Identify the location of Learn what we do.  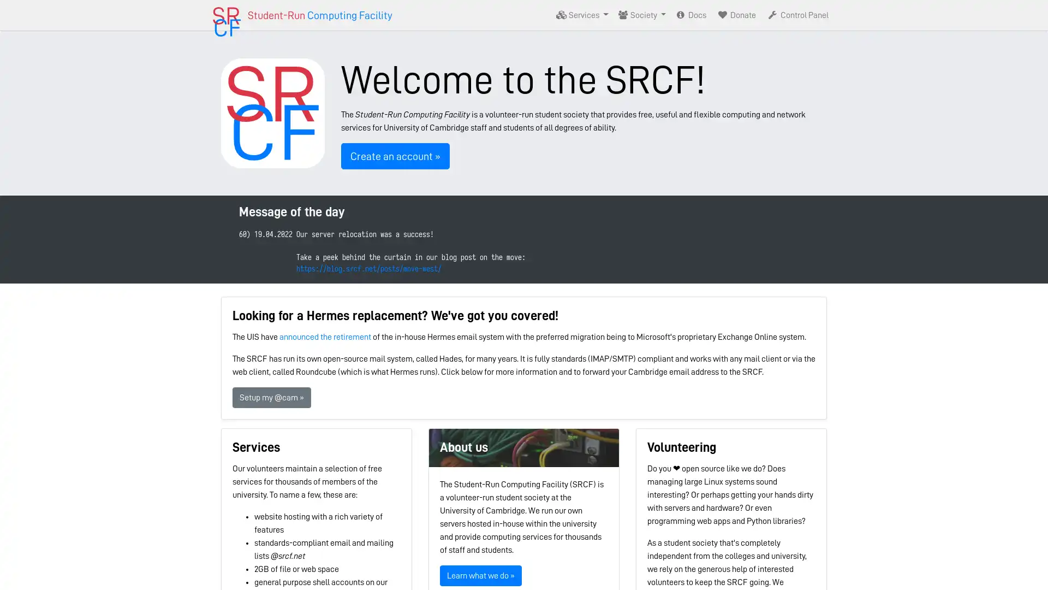
(480, 575).